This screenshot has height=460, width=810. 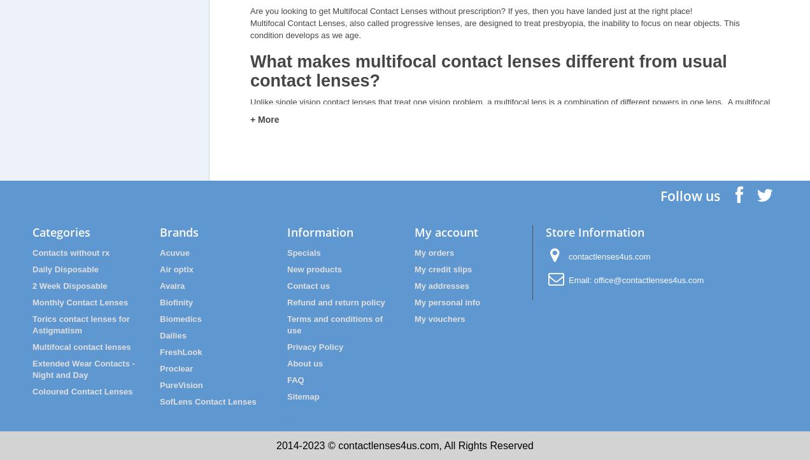 I want to click on 'Daily Disposable', so click(x=66, y=268).